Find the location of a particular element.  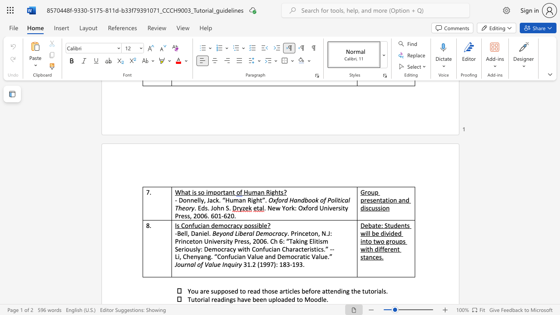

the subset text "rd Han" within the text "Oxford Handbook of Political" is located at coordinates (282, 200).